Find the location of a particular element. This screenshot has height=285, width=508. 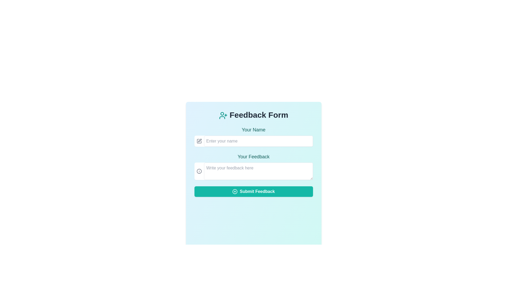

the label displaying the text 'Your Name', which is styled in teal and positioned above the corresponding input field for name entry is located at coordinates (253, 130).